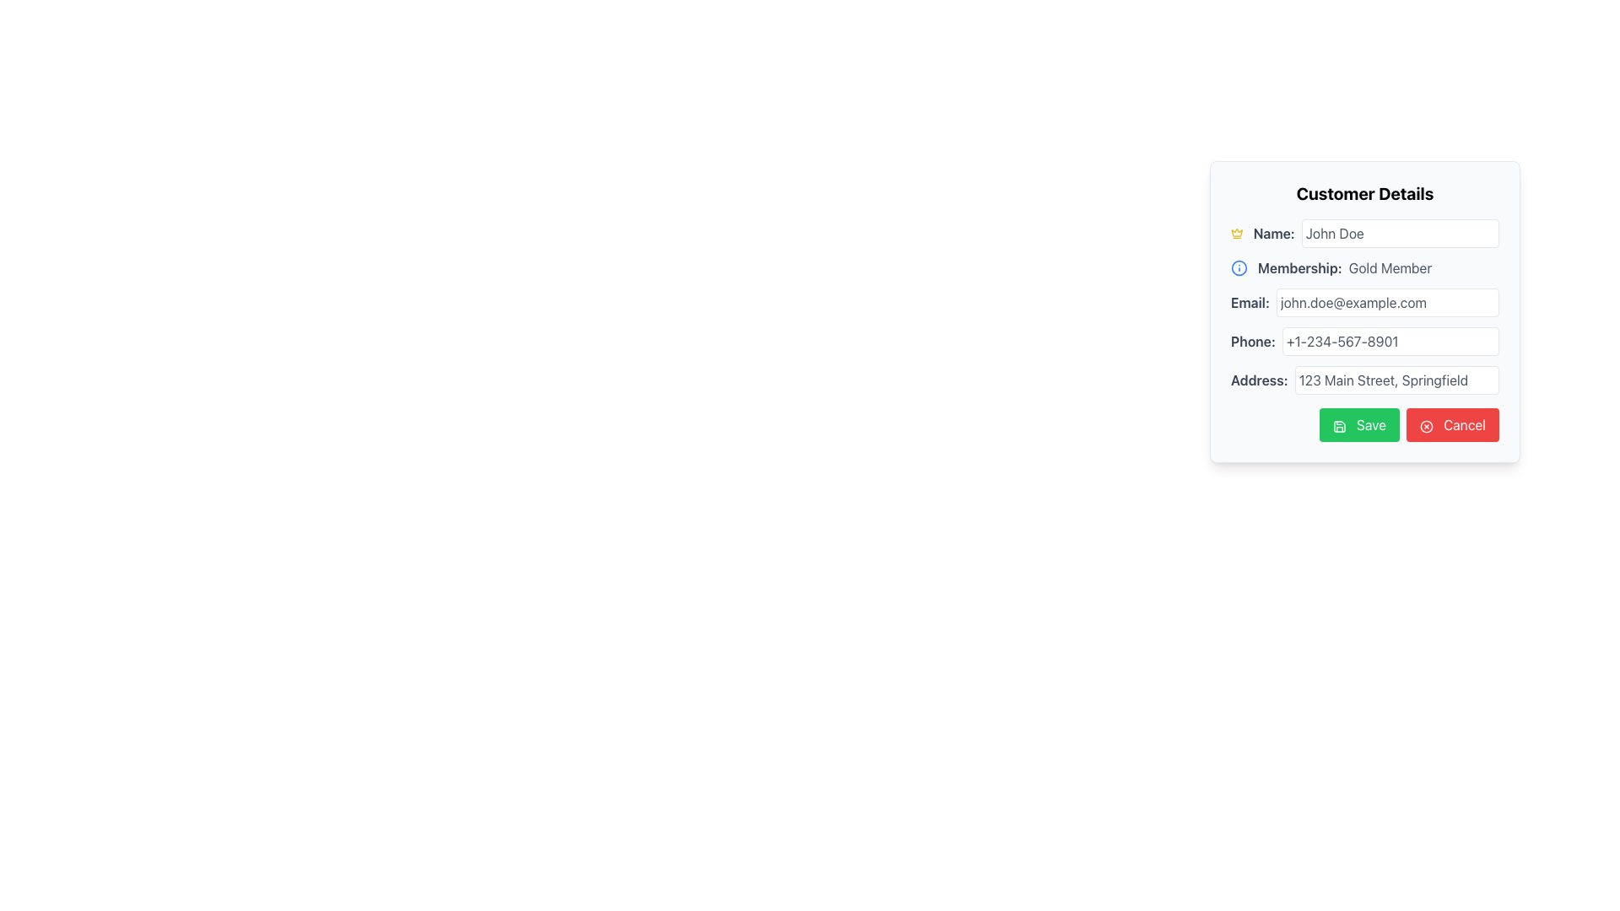  What do you see at coordinates (1364, 193) in the screenshot?
I see `the text label that serves as a title or heading for the customer details panel, positioned at the top and centered in the panel` at bounding box center [1364, 193].